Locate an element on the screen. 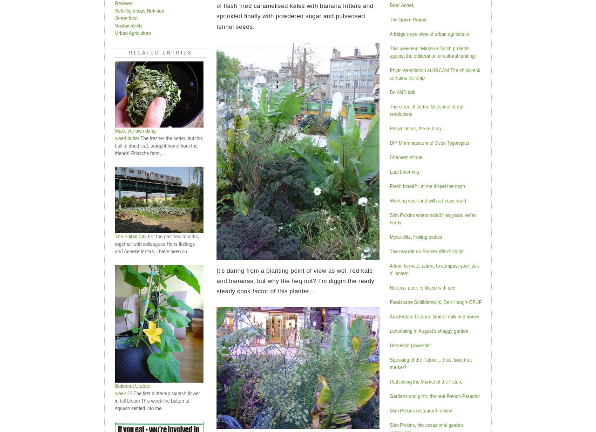 This screenshot has height=432, width=596. 'The first butternut squash flower in full bloom

This week the butternut squash settled into the...' is located at coordinates (157, 400).